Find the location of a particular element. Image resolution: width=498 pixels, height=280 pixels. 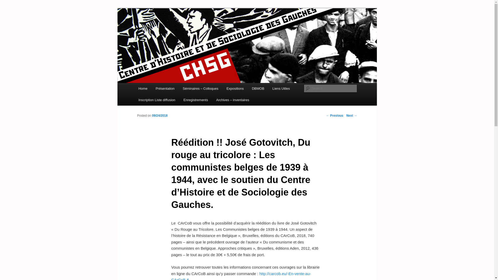

'Skip to primary content' is located at coordinates (137, 89).